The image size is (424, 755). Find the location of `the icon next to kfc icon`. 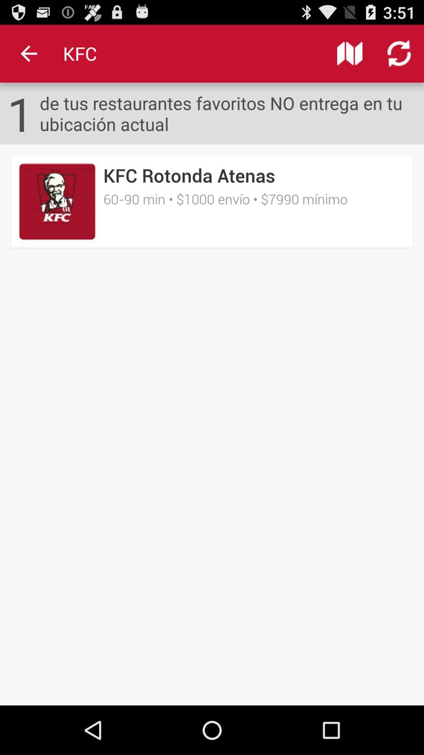

the icon next to kfc icon is located at coordinates (349, 53).